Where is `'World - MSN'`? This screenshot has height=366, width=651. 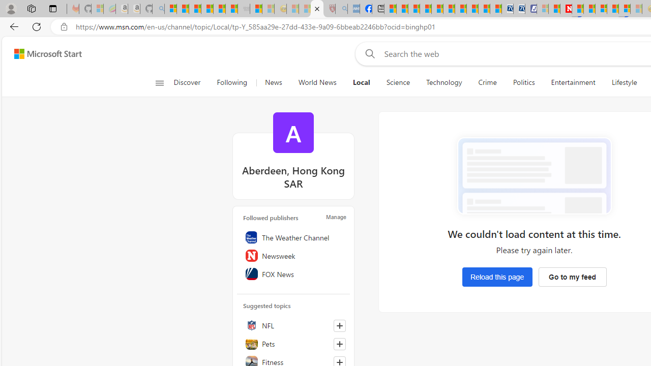
'World - MSN' is located at coordinates (414, 9).